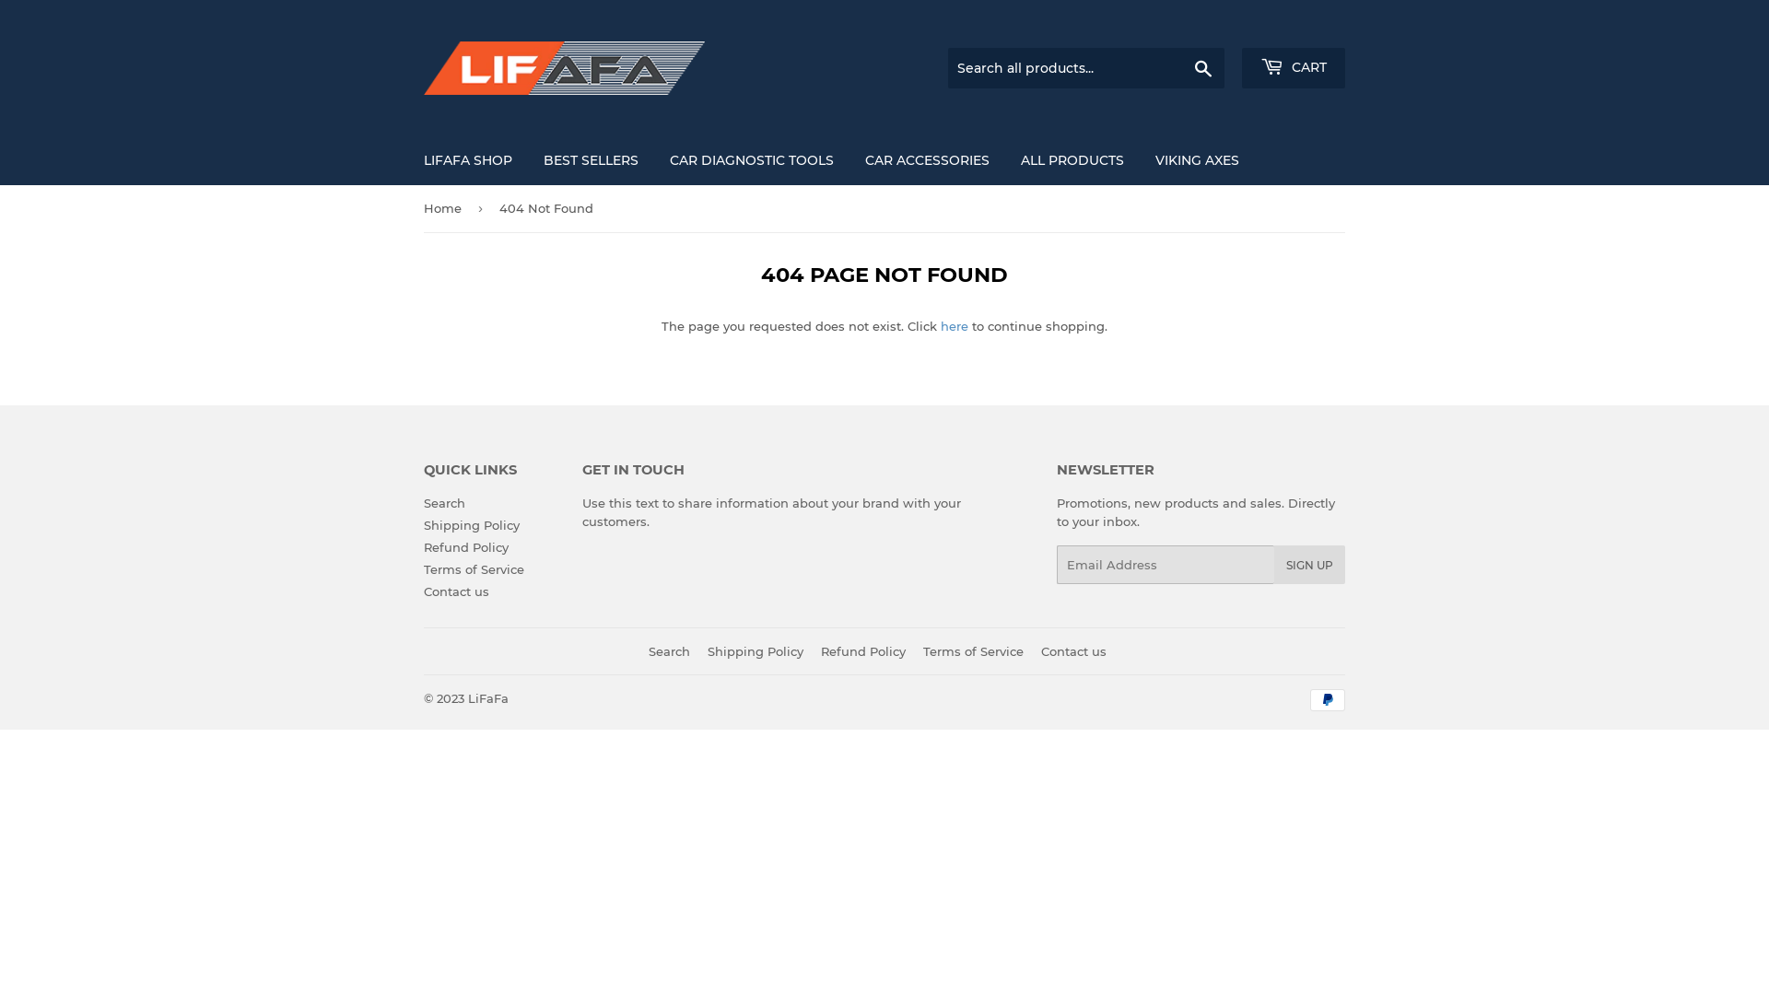 Image resolution: width=1769 pixels, height=995 pixels. I want to click on 'Shipping Policy', so click(756, 649).